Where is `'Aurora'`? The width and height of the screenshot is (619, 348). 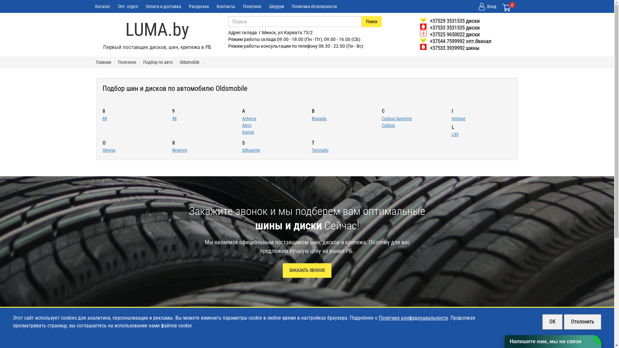 'Aurora' is located at coordinates (248, 131).